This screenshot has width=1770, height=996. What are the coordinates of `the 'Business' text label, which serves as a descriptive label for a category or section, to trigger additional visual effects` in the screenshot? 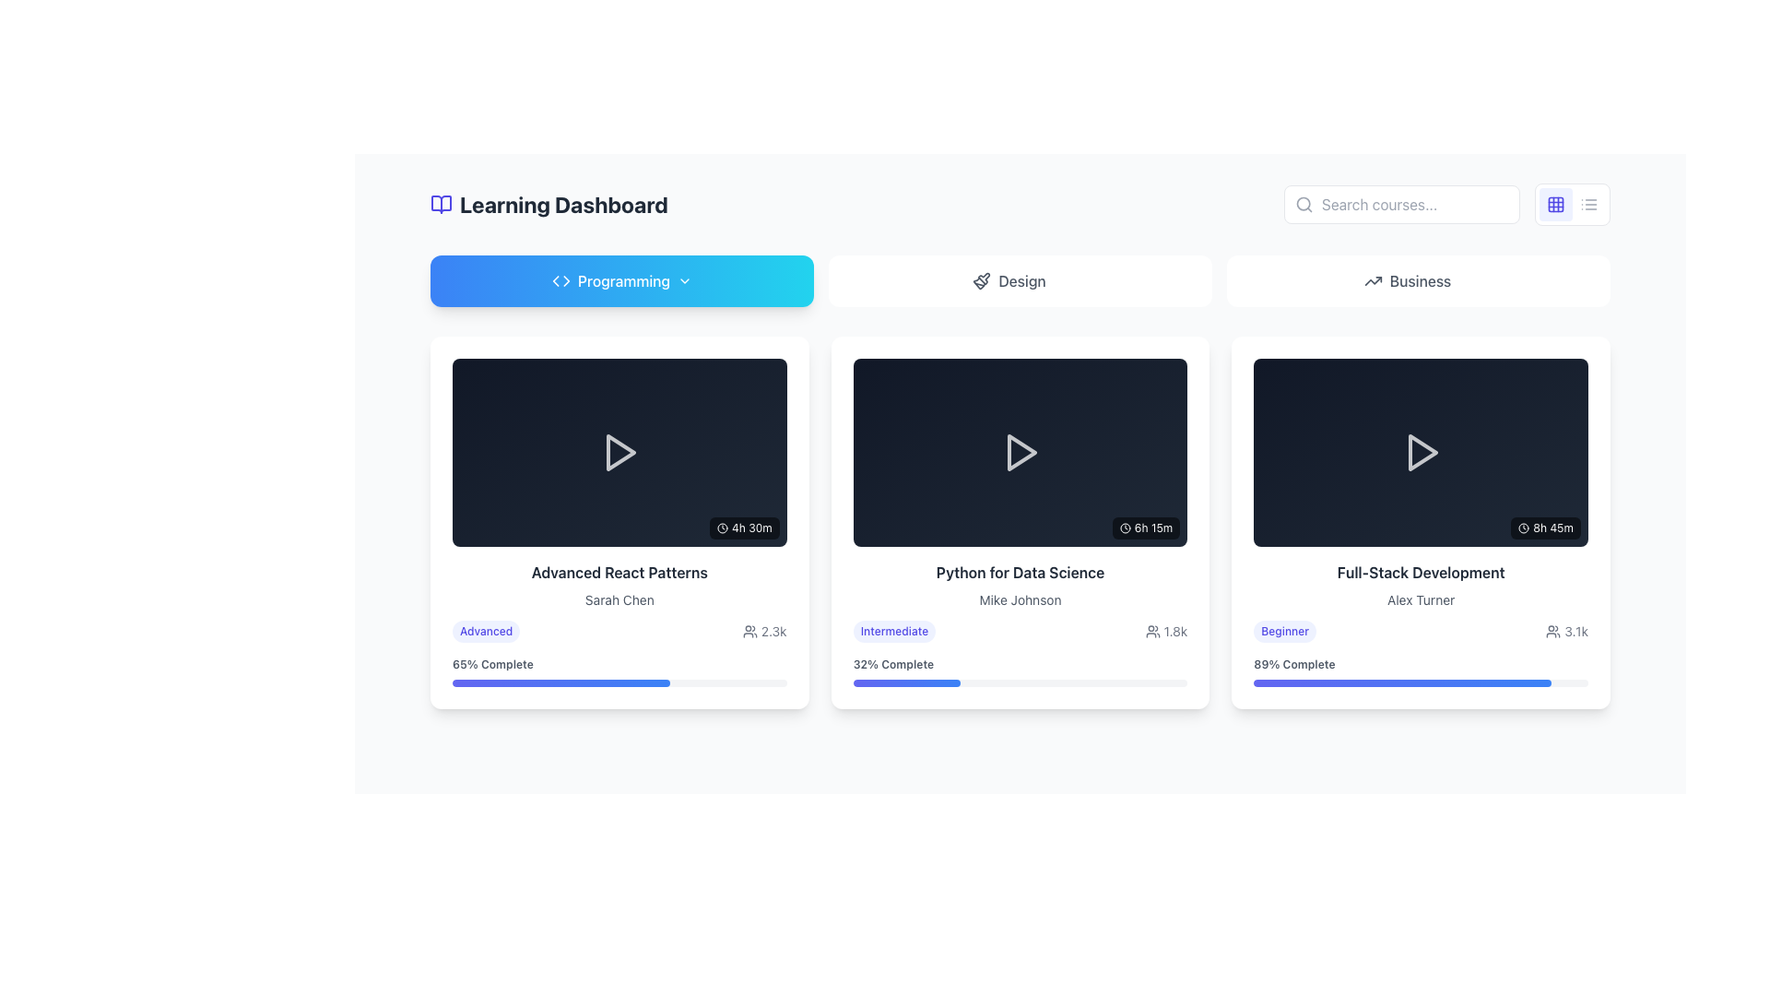 It's located at (1419, 280).